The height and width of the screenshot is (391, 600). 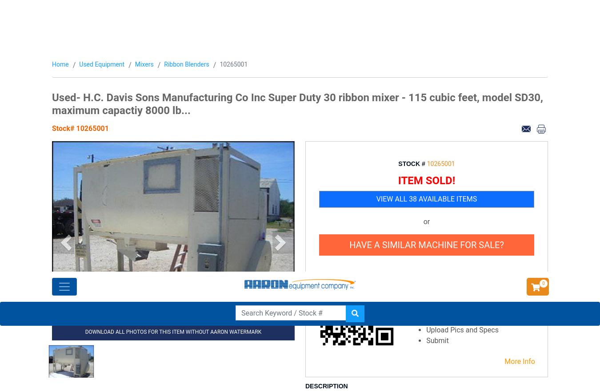 What do you see at coordinates (396, 253) in the screenshot?
I see `'What Some of Our Customers Have to Say About Us'` at bounding box center [396, 253].